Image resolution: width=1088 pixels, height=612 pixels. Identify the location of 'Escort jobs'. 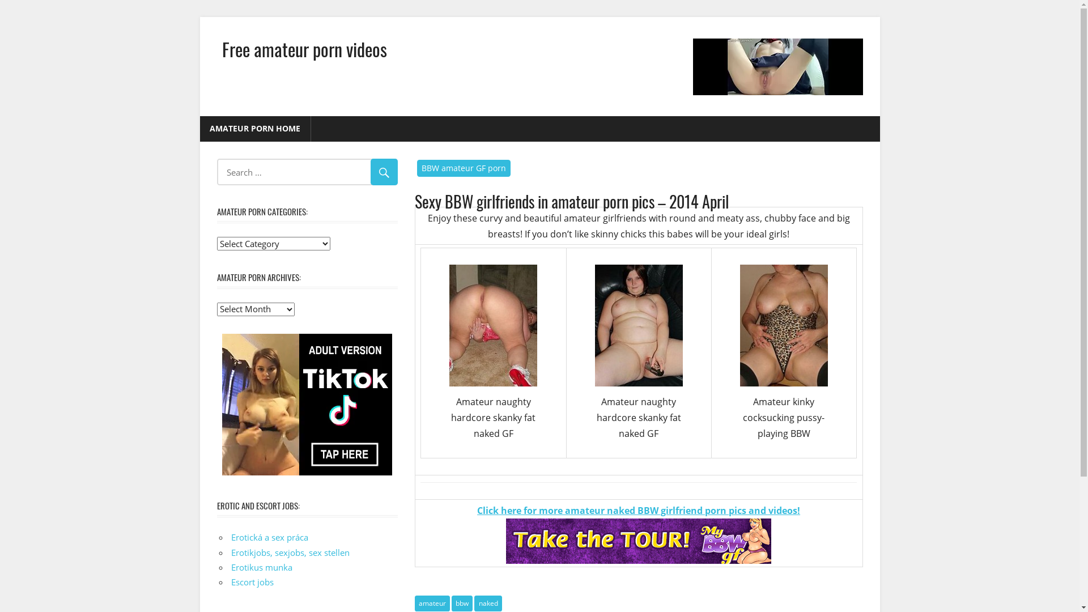
(231, 581).